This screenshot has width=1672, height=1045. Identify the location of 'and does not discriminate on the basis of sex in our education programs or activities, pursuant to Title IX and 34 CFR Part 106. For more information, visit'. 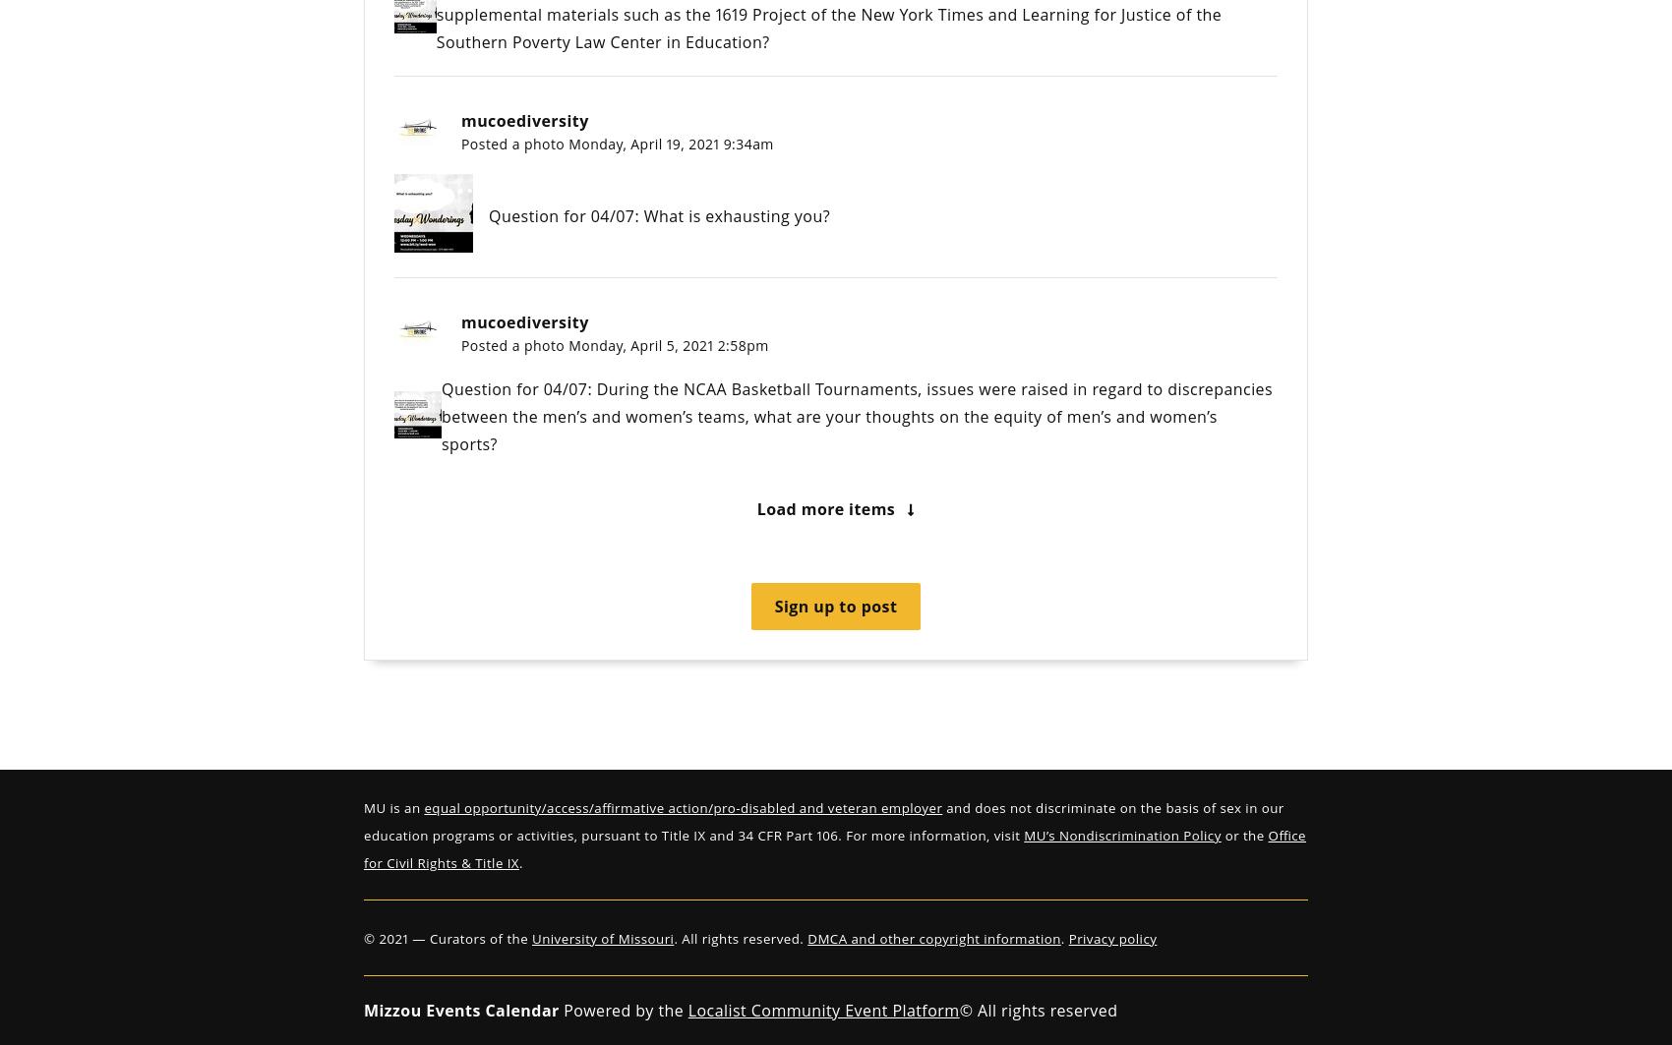
(822, 821).